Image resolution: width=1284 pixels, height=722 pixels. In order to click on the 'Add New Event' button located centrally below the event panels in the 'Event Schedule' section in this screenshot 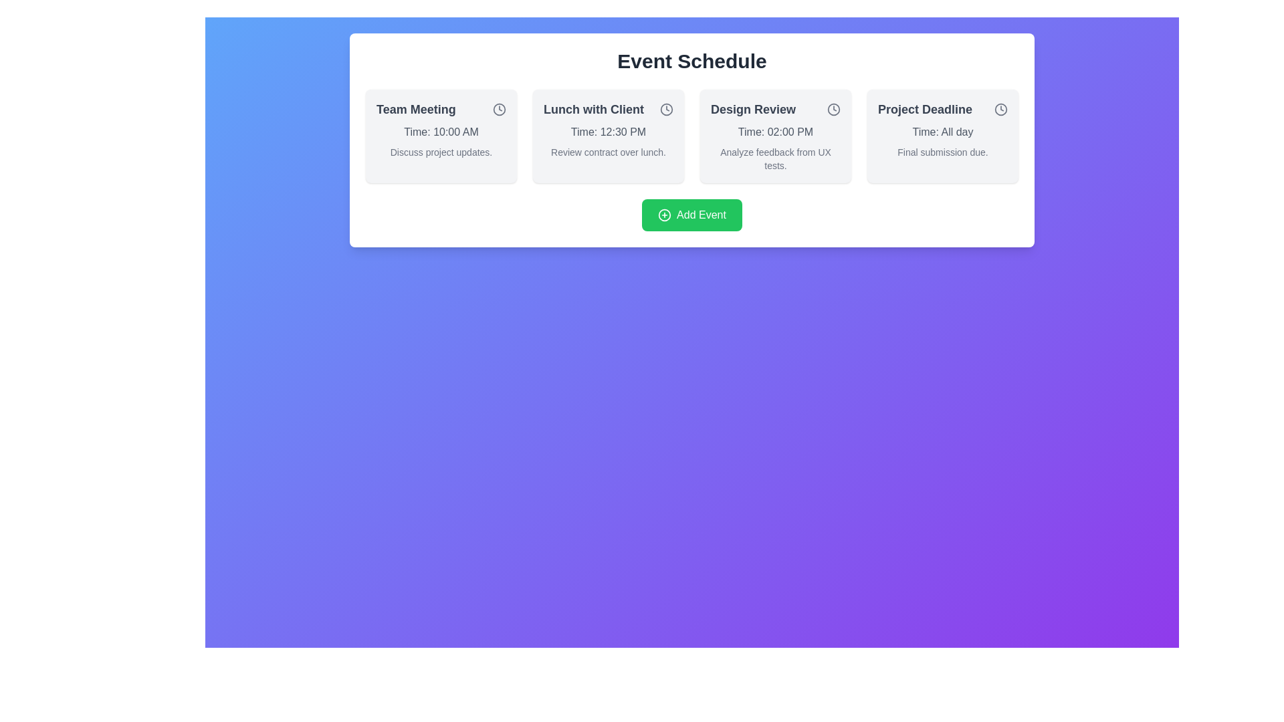, I will do `click(692, 214)`.